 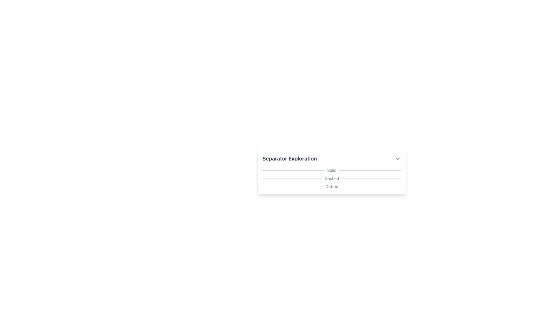 What do you see at coordinates (332, 186) in the screenshot?
I see `the text label displaying 'Dotted', which is centered between two horizontal dotted lines in the 'Separator Exploration' dropdown interface` at bounding box center [332, 186].